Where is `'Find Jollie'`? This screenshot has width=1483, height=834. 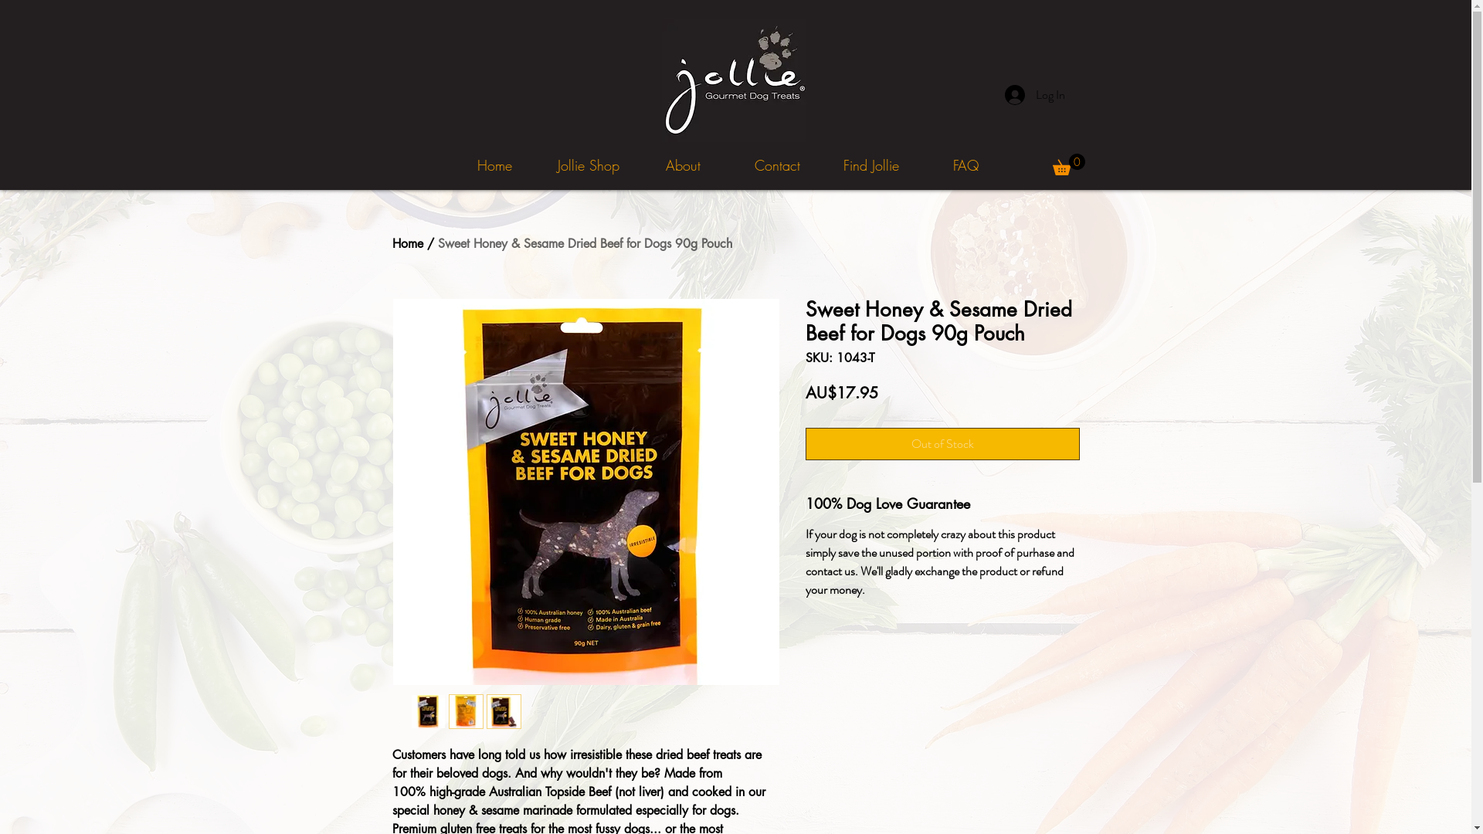
'Find Jollie' is located at coordinates (871, 165).